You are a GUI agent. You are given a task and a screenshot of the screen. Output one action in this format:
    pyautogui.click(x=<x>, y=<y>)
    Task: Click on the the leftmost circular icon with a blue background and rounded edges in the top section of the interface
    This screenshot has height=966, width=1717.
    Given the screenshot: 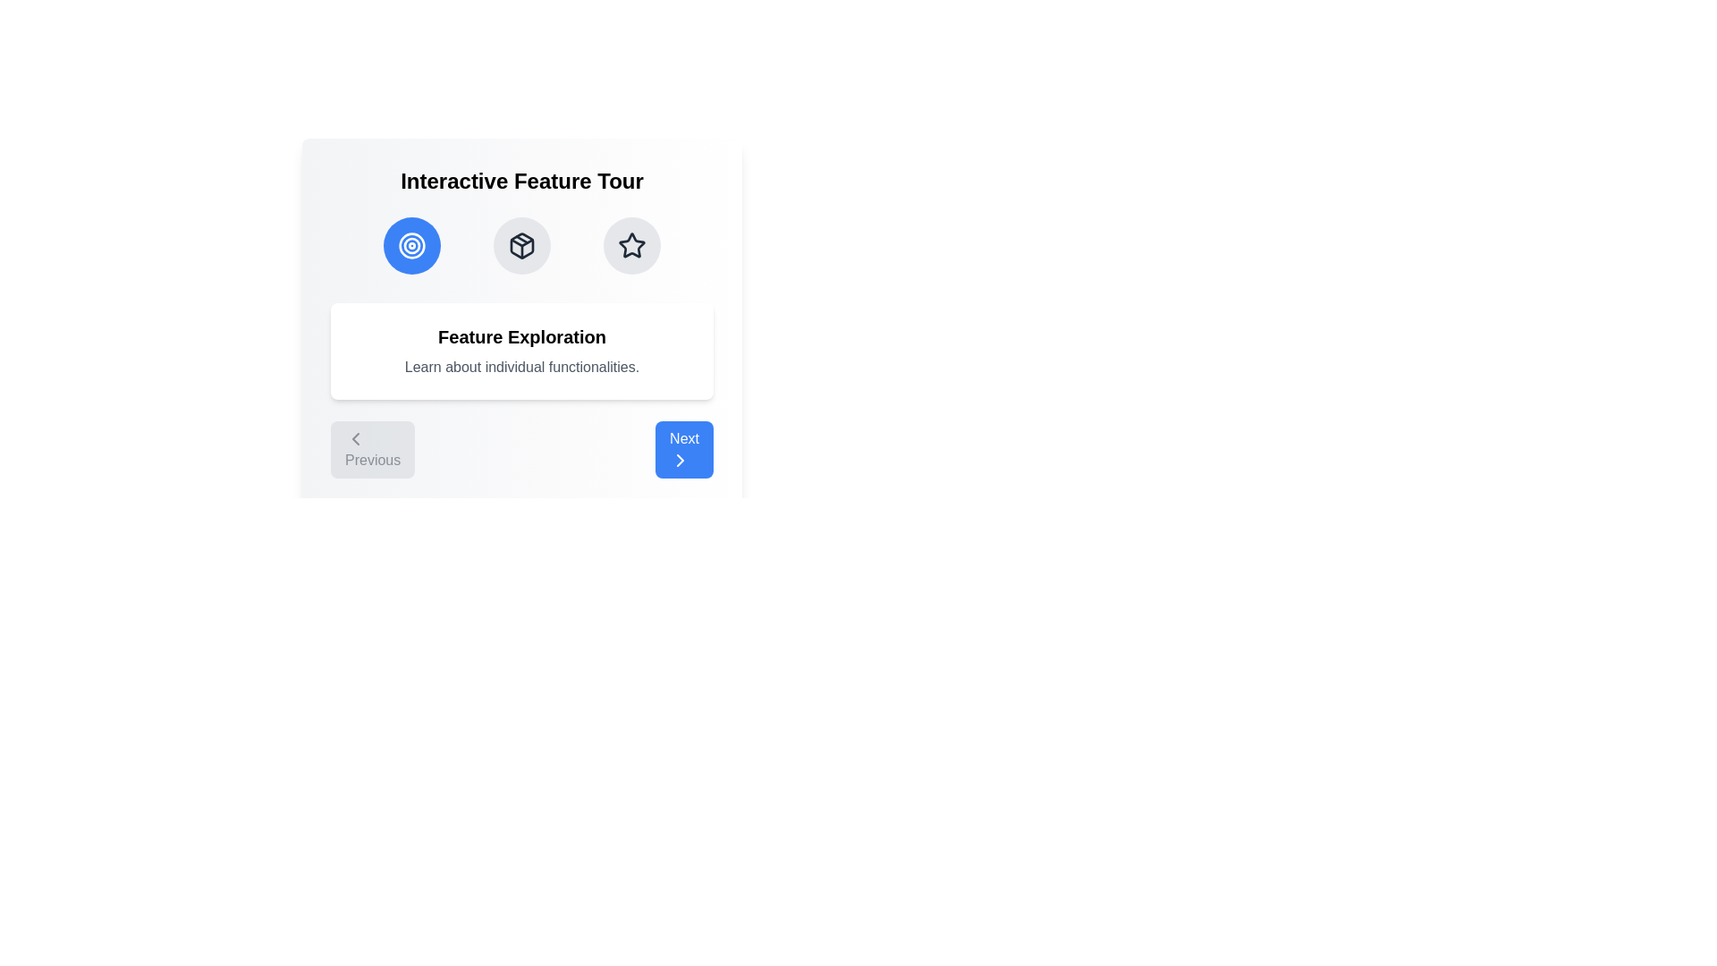 What is the action you would take?
    pyautogui.click(x=410, y=245)
    